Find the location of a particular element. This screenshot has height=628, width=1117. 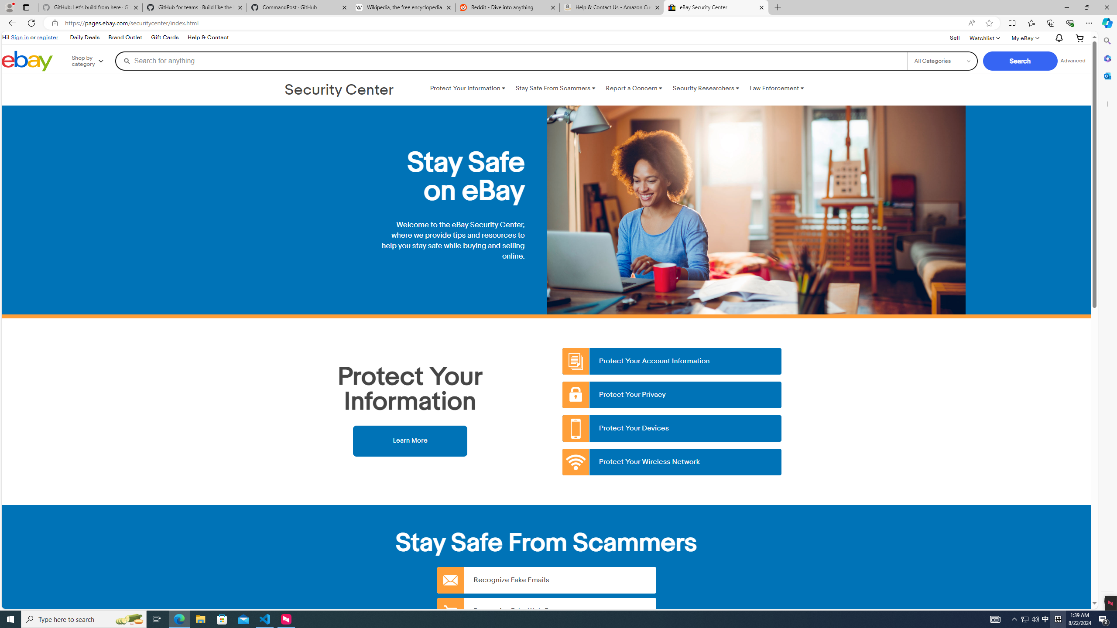

'Reddit - Dive into anything' is located at coordinates (507, 7).